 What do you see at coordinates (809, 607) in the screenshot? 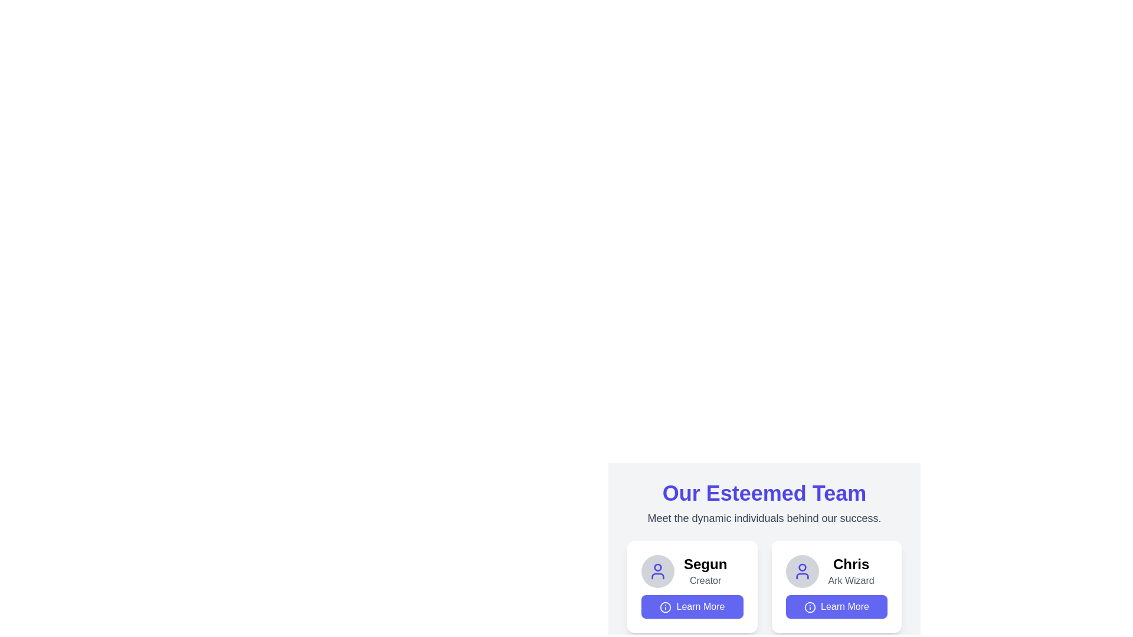
I see `the circular icon with an 'i' symbol located to the left of the 'Learn More' button in the lower-right card segment labeled 'Chris - Ark Wizard'` at bounding box center [809, 607].